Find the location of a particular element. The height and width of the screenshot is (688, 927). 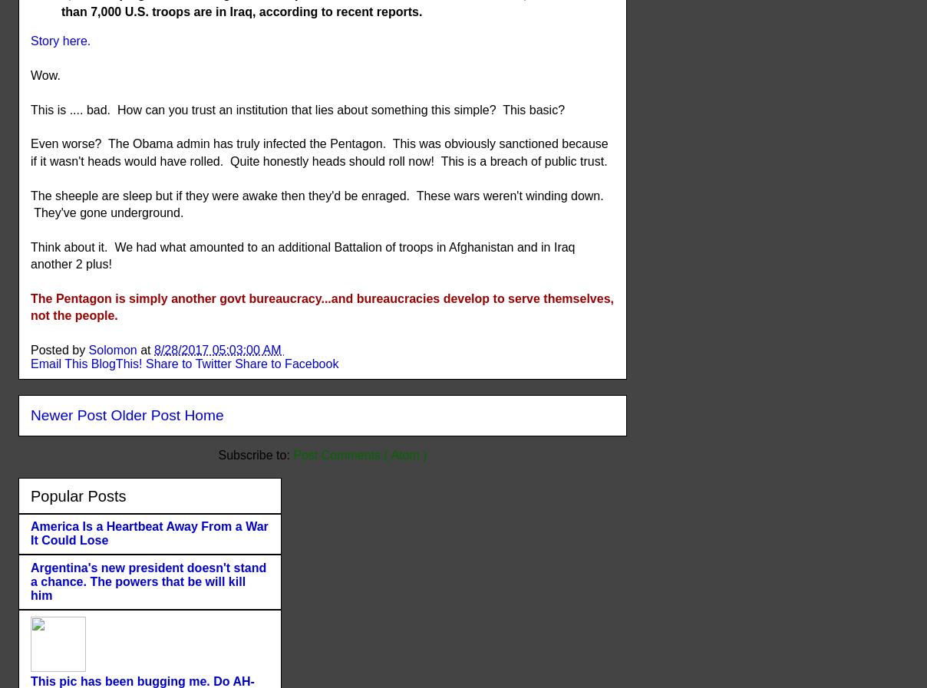

'Home' is located at coordinates (184, 414).